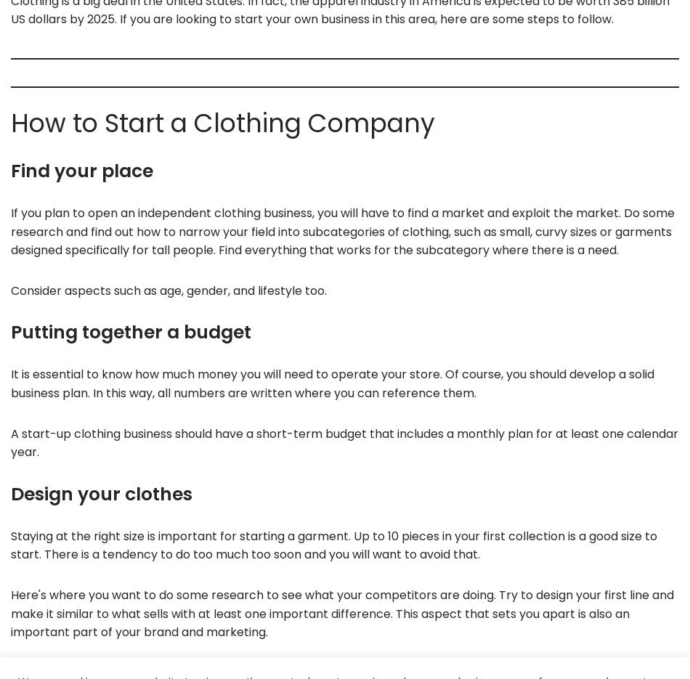  What do you see at coordinates (331, 383) in the screenshot?
I see `'It is essential to know how much money you will need to operate your store. Of course, you should develop a solid business plan. In this way, all numbers are written where you can reference them.'` at bounding box center [331, 383].